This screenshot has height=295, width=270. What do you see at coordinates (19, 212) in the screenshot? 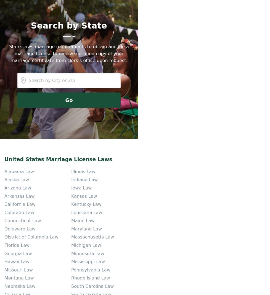
I see `'Colorado Law'` at bounding box center [19, 212].